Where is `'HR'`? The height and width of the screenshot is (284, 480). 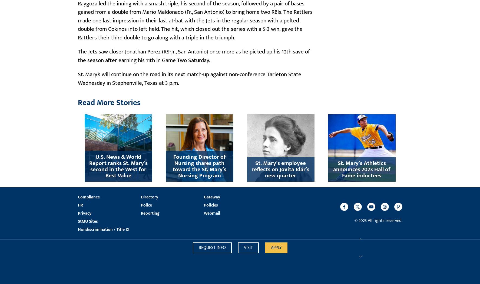 'HR' is located at coordinates (80, 205).